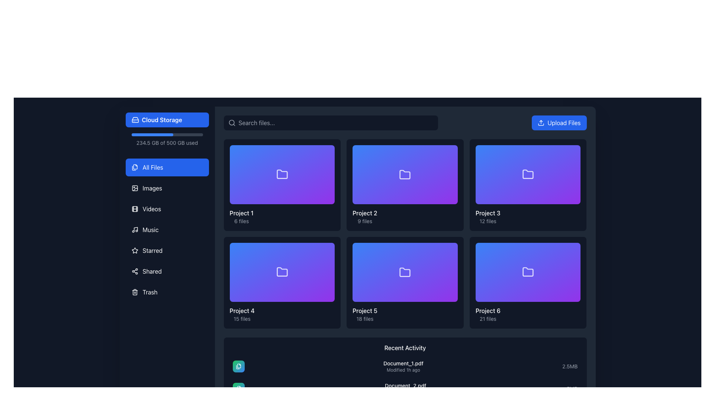 Image resolution: width=714 pixels, height=401 pixels. What do you see at coordinates (167, 209) in the screenshot?
I see `the navigation button located in the left-side menu, positioned below the 'Images' button and above the 'Music' button` at bounding box center [167, 209].